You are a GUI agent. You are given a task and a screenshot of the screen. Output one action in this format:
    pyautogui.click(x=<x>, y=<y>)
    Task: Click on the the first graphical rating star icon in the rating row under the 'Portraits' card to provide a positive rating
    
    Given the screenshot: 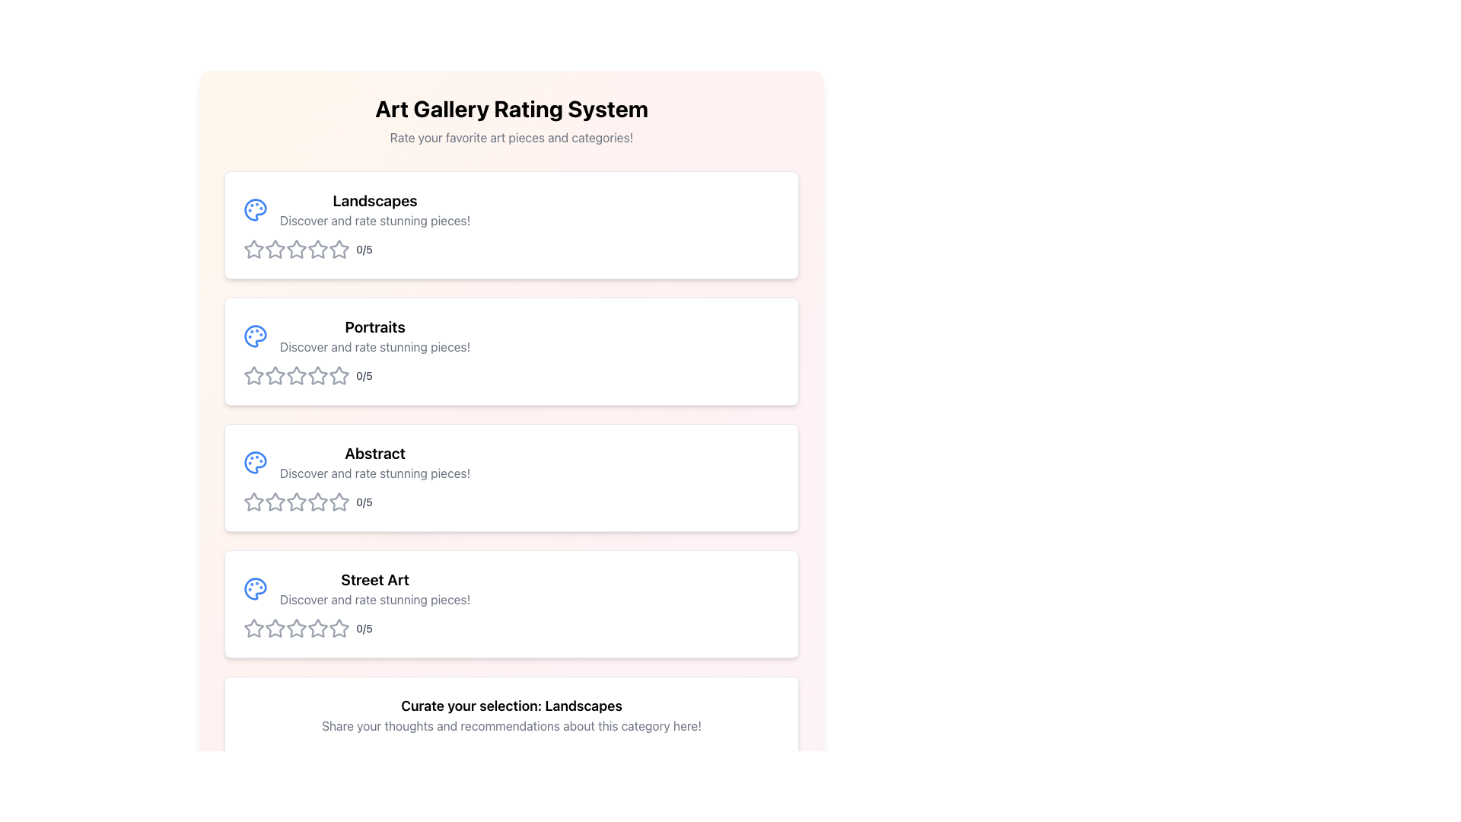 What is the action you would take?
    pyautogui.click(x=254, y=375)
    